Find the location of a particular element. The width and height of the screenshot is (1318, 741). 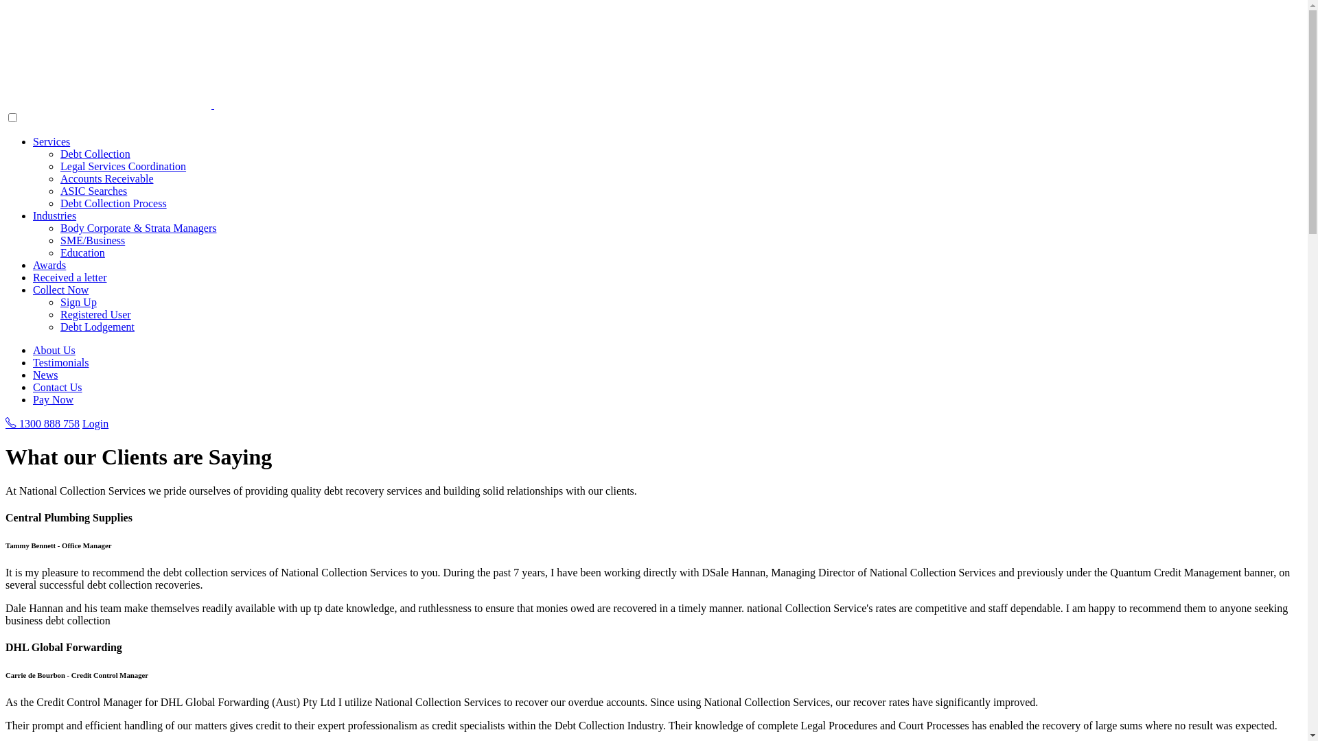

'Accounts Receivable' is located at coordinates (106, 178).